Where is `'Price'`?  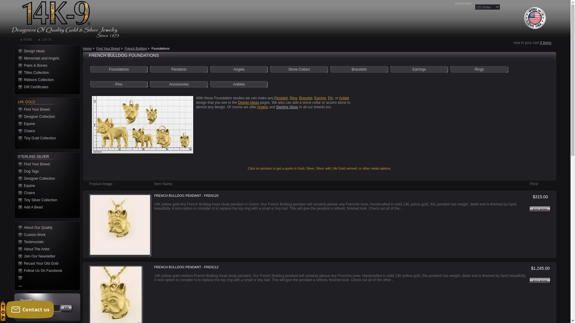
'Price' is located at coordinates (534, 183).